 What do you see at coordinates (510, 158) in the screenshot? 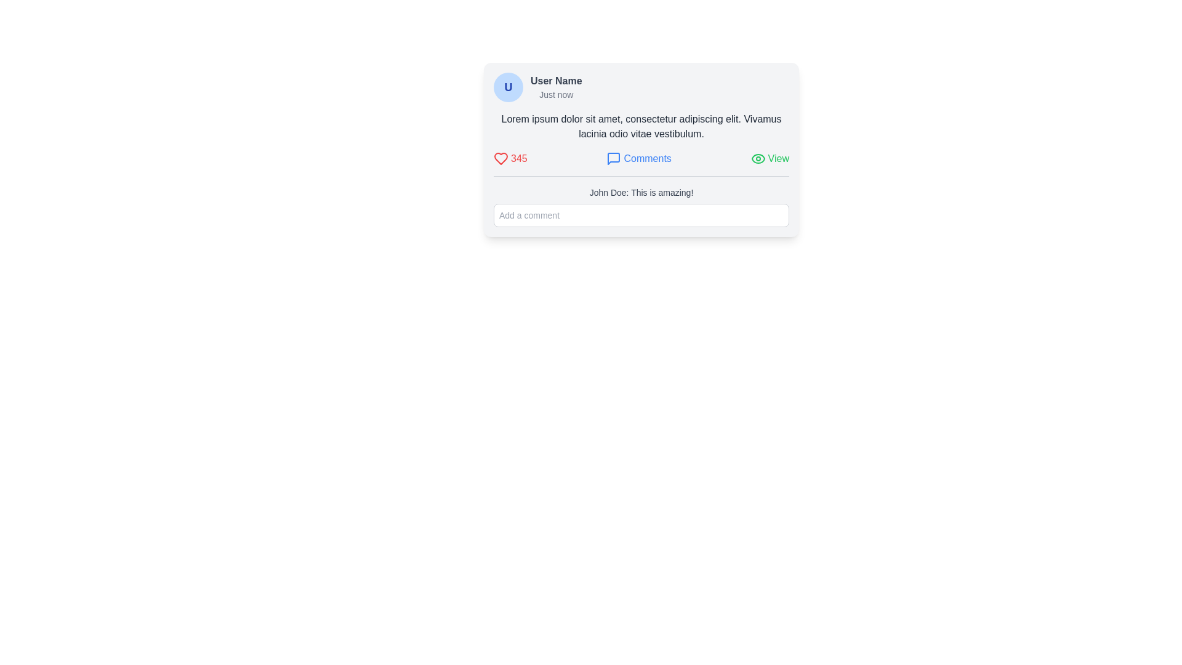
I see `the interactive count display with icon that shows the count of likes or favorites` at bounding box center [510, 158].